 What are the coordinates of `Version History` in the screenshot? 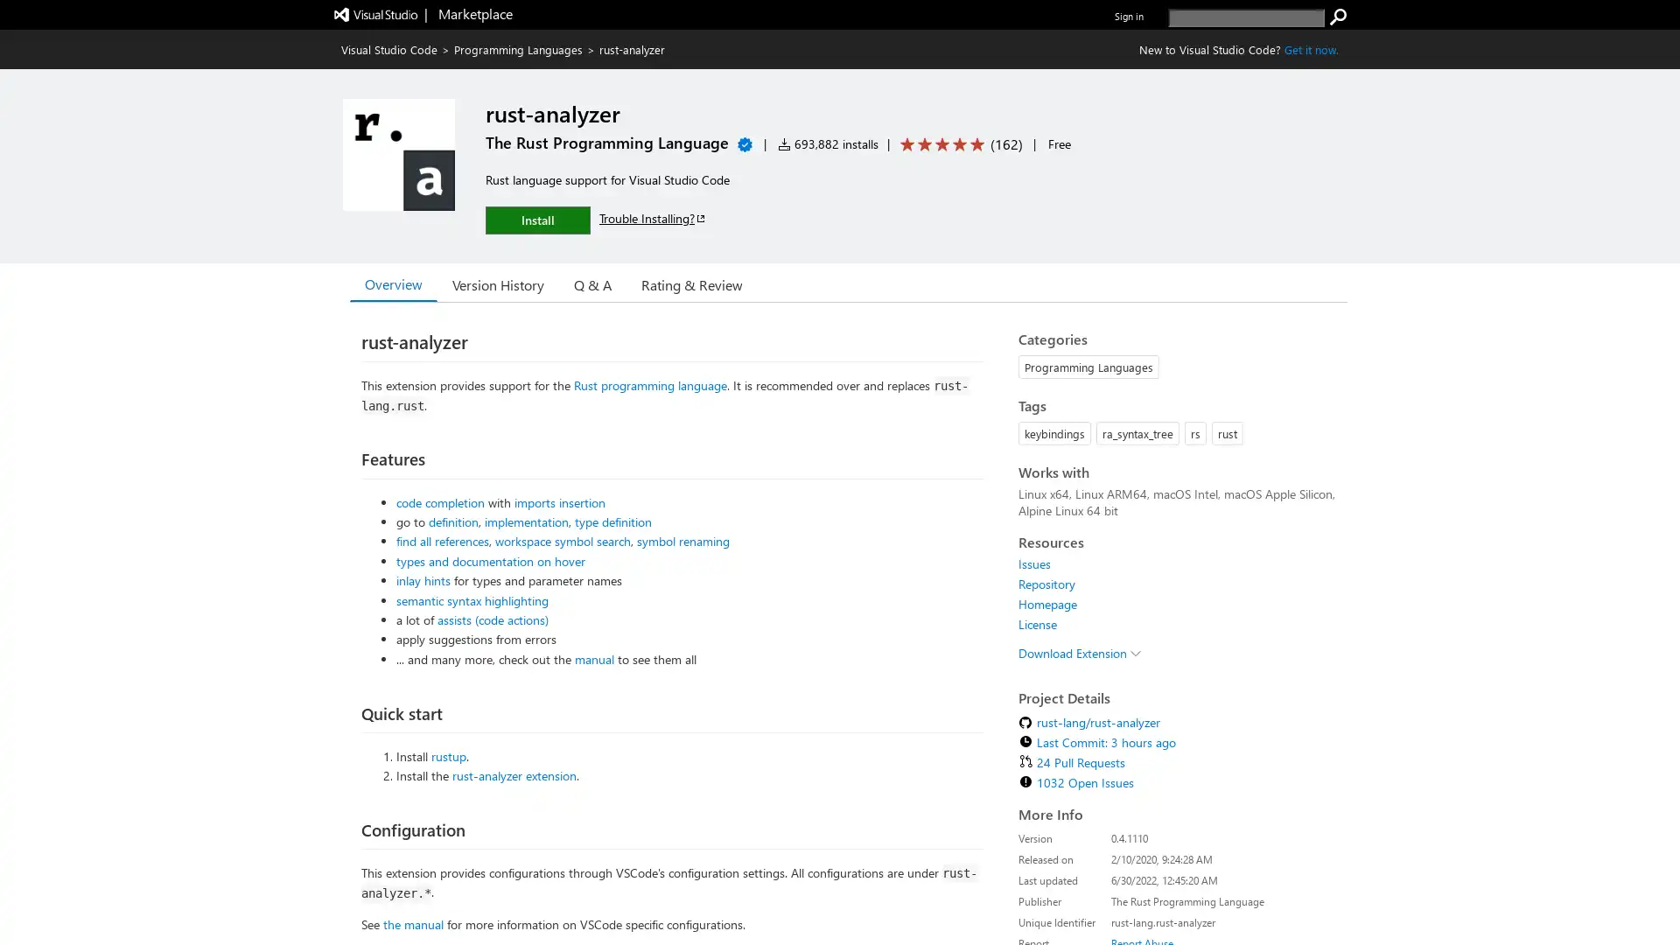 It's located at (497, 283).